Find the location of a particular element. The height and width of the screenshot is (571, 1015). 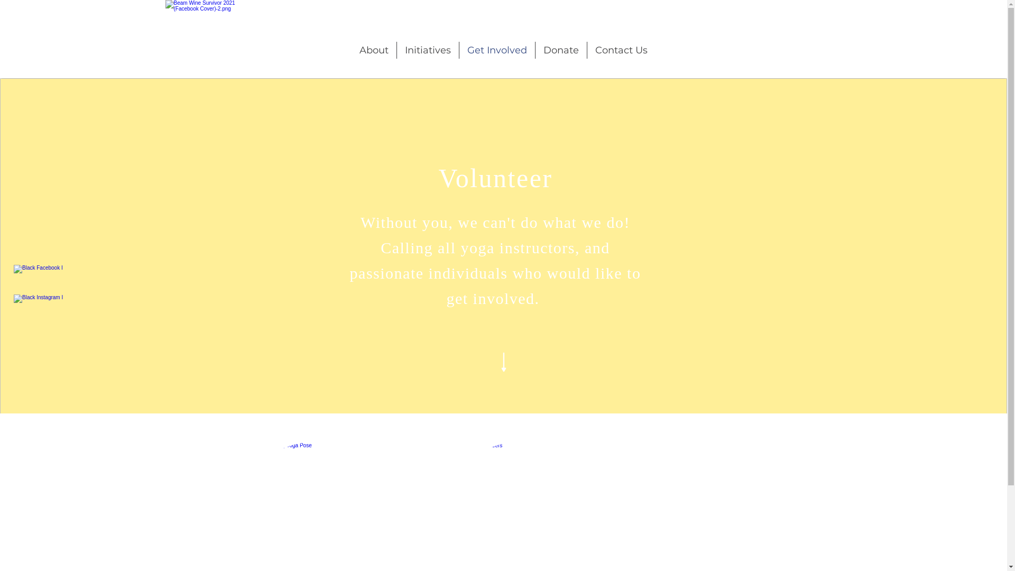

'Get Involved' is located at coordinates (496, 50).